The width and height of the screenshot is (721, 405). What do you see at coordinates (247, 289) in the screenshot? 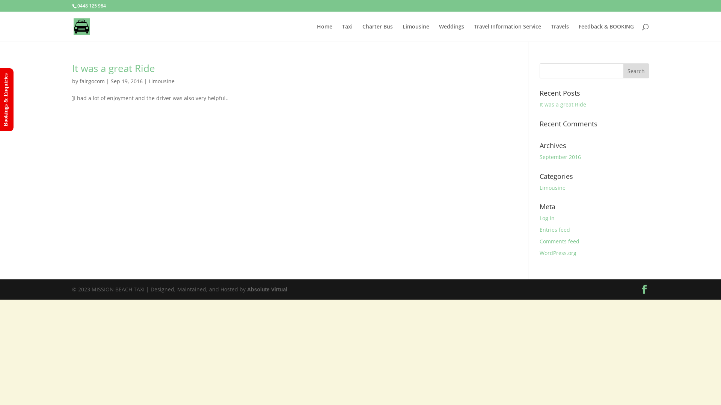
I see `'Absolute Virtual'` at bounding box center [247, 289].